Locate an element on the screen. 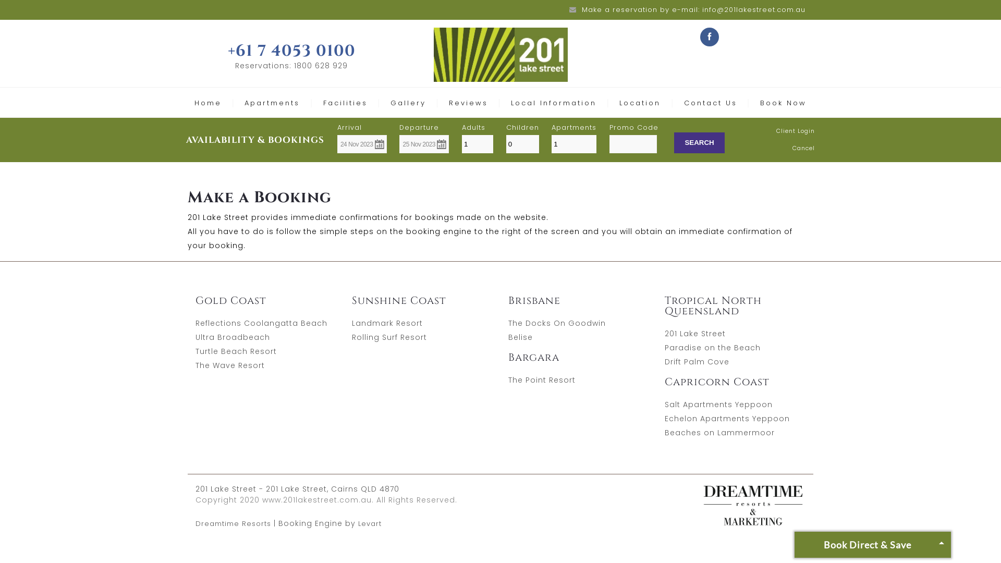 This screenshot has height=563, width=1001. 'Reviews' is located at coordinates (448, 103).